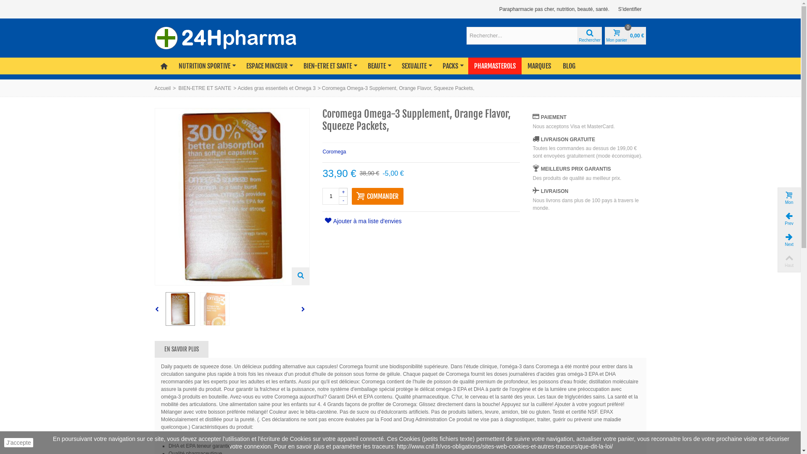 Image resolution: width=807 pixels, height=454 pixels. I want to click on 'S'identifier', so click(630, 9).